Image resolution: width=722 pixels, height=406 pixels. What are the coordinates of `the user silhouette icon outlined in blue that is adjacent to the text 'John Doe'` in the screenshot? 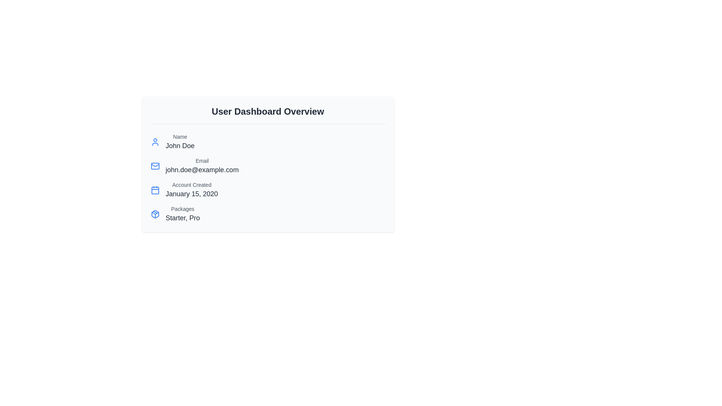 It's located at (155, 142).